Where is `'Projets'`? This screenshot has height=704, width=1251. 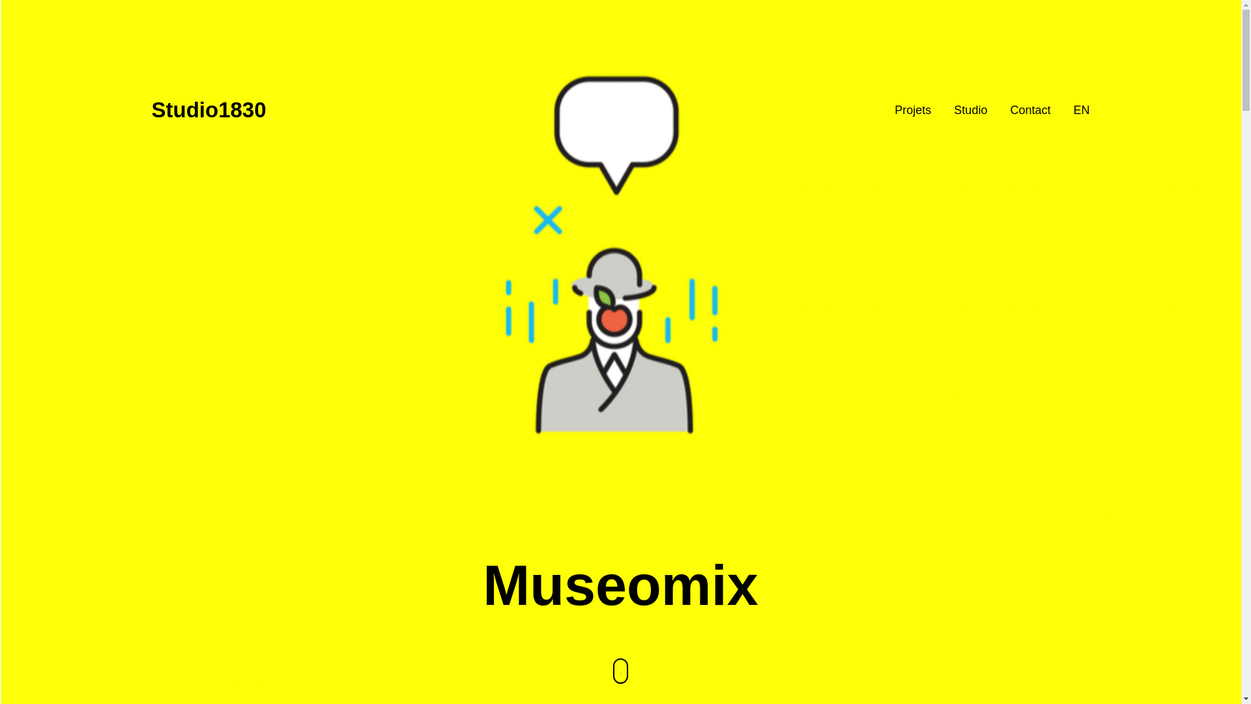
'Projets' is located at coordinates (912, 109).